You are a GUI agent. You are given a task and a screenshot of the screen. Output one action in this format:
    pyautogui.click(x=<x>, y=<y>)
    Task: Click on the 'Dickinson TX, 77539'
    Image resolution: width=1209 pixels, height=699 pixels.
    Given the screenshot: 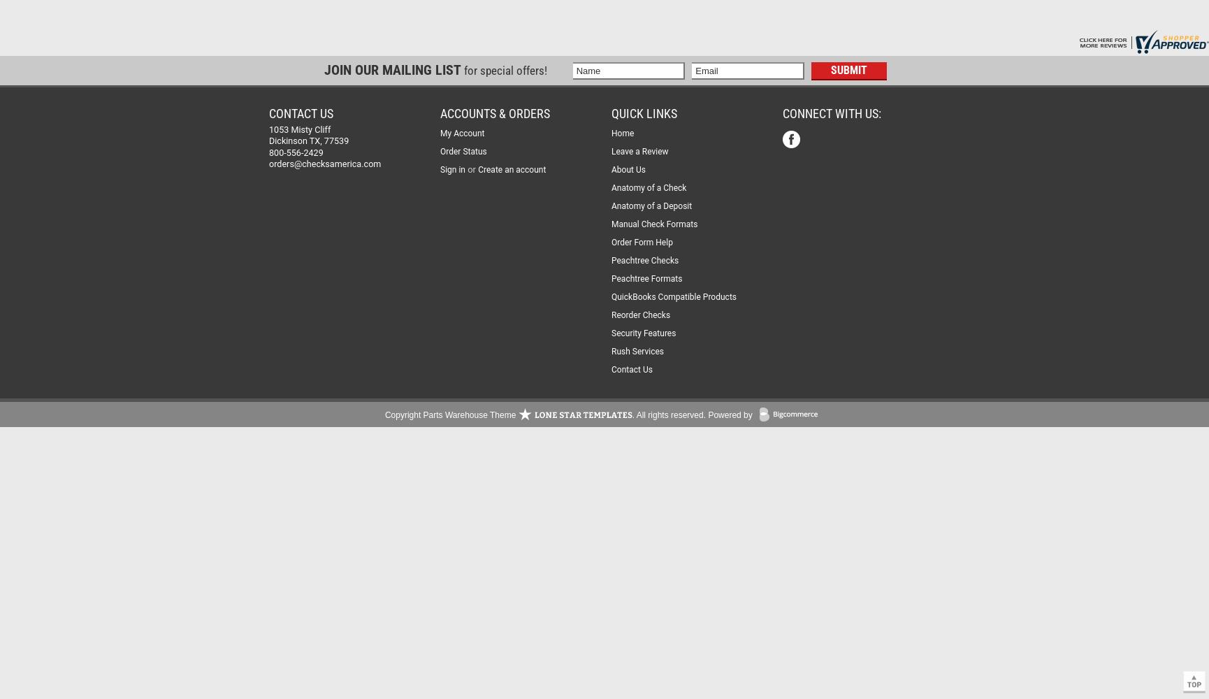 What is the action you would take?
    pyautogui.click(x=268, y=140)
    